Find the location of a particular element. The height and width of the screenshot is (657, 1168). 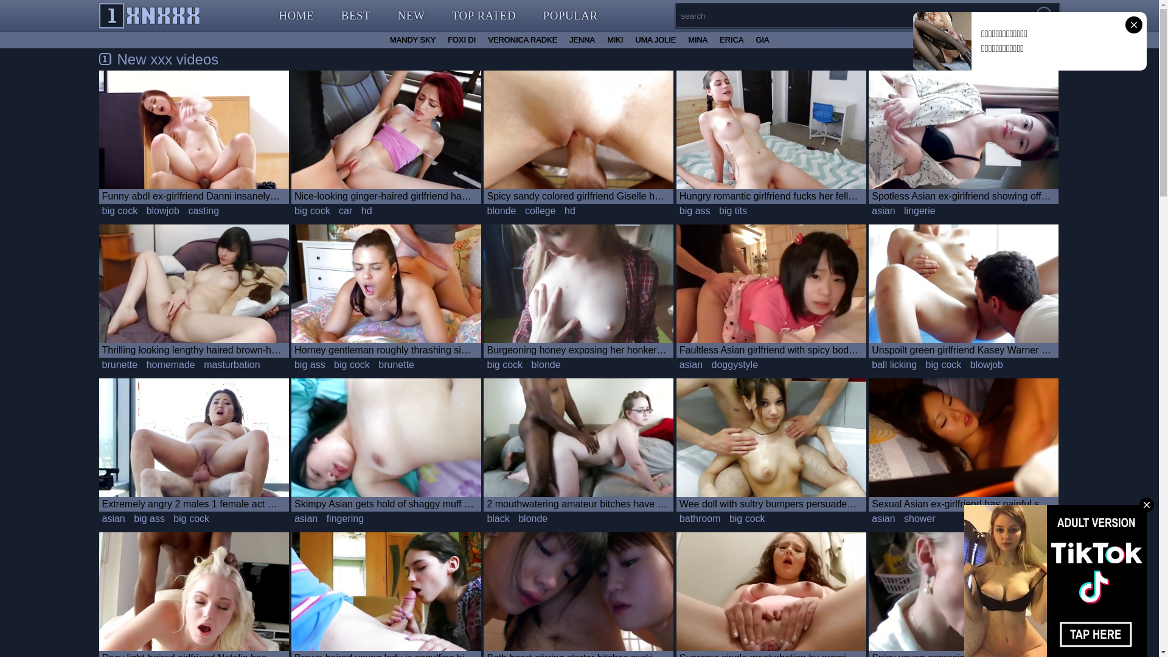

'brunette' is located at coordinates (396, 364).